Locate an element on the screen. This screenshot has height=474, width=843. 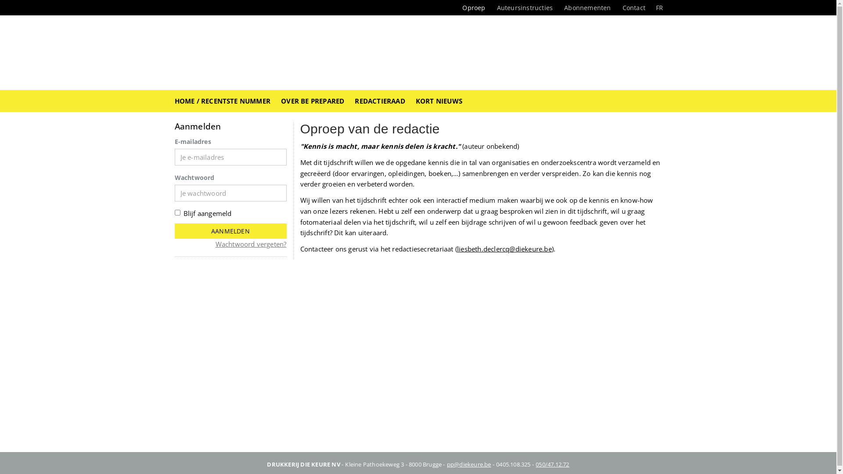
'Contact' is located at coordinates (634, 7).